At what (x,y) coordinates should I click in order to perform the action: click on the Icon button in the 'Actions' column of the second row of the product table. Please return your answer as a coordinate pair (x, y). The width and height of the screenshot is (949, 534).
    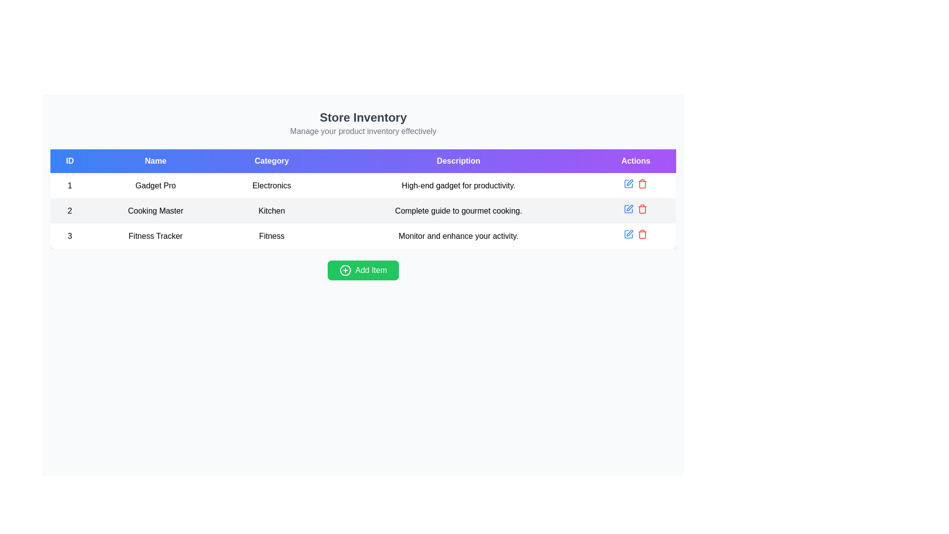
    Looking at the image, I should click on (628, 209).